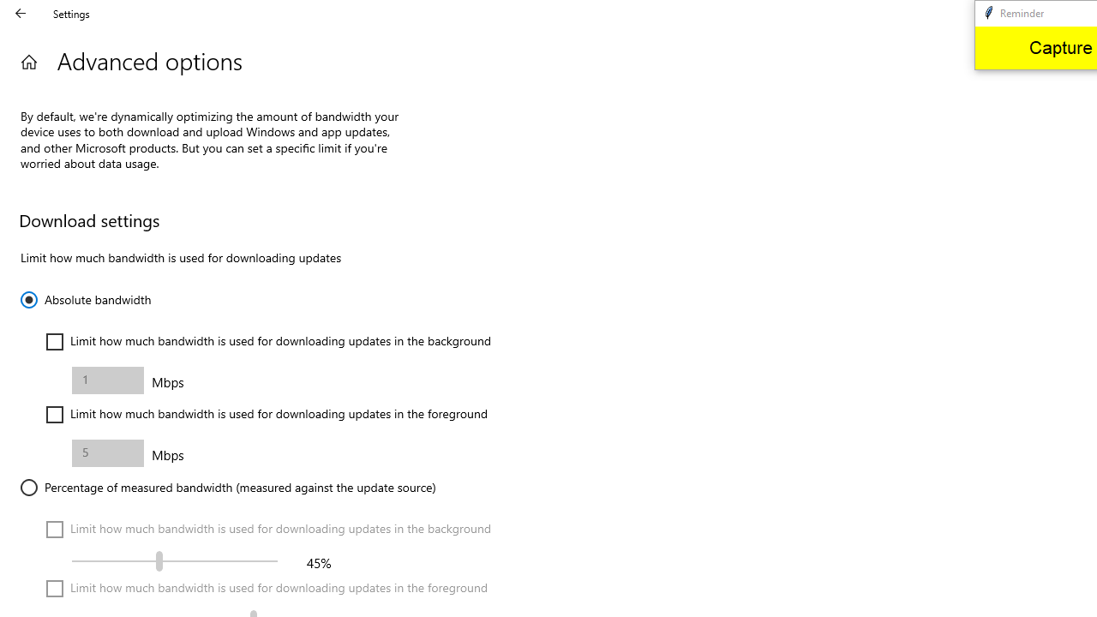 This screenshot has height=617, width=1097. What do you see at coordinates (85, 298) in the screenshot?
I see `'Absolute bandwidth'` at bounding box center [85, 298].